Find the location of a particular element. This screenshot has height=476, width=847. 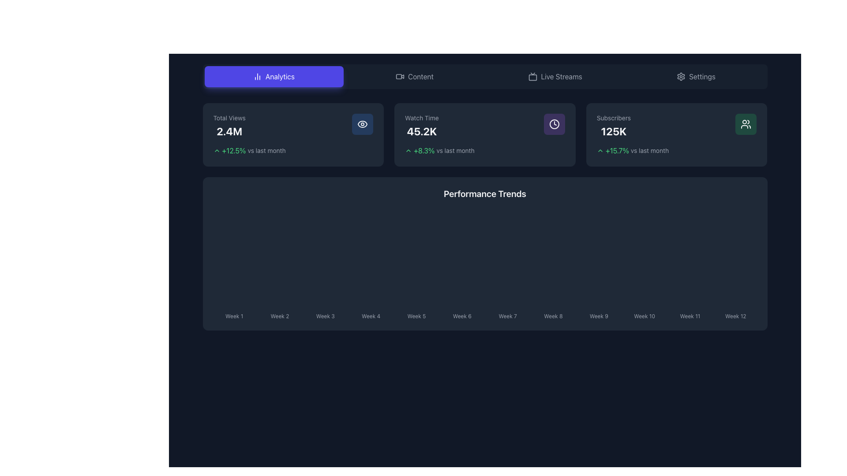

the text label indicating the total views statistic located in the top-left corner of the card displaying '2.4M' is located at coordinates (229, 117).